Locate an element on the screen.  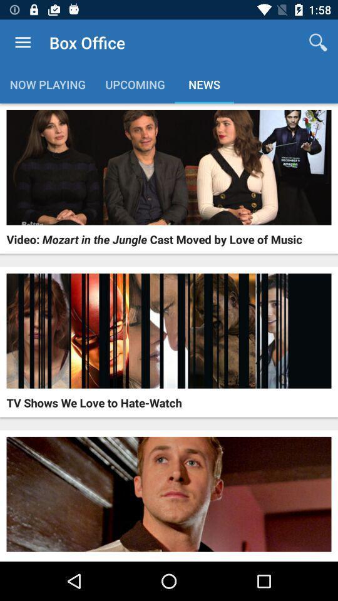
tv shows we icon is located at coordinates (93, 402).